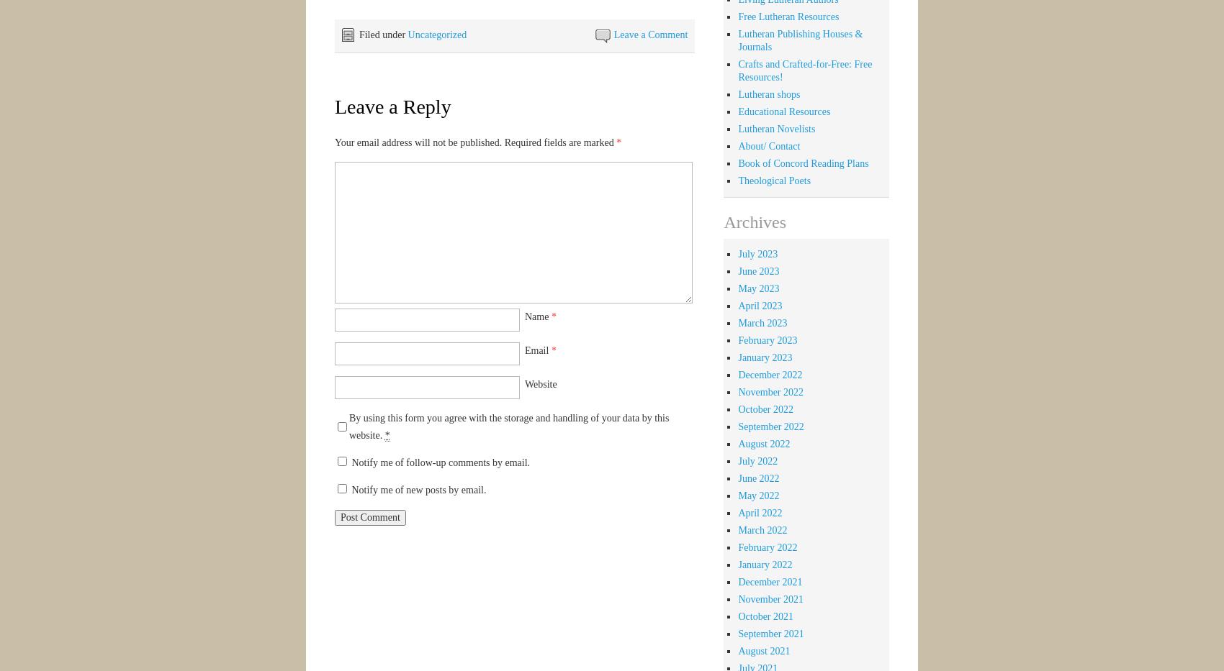 Image resolution: width=1224 pixels, height=671 pixels. What do you see at coordinates (737, 40) in the screenshot?
I see `'Lutheran Publishing Houses & Journals'` at bounding box center [737, 40].